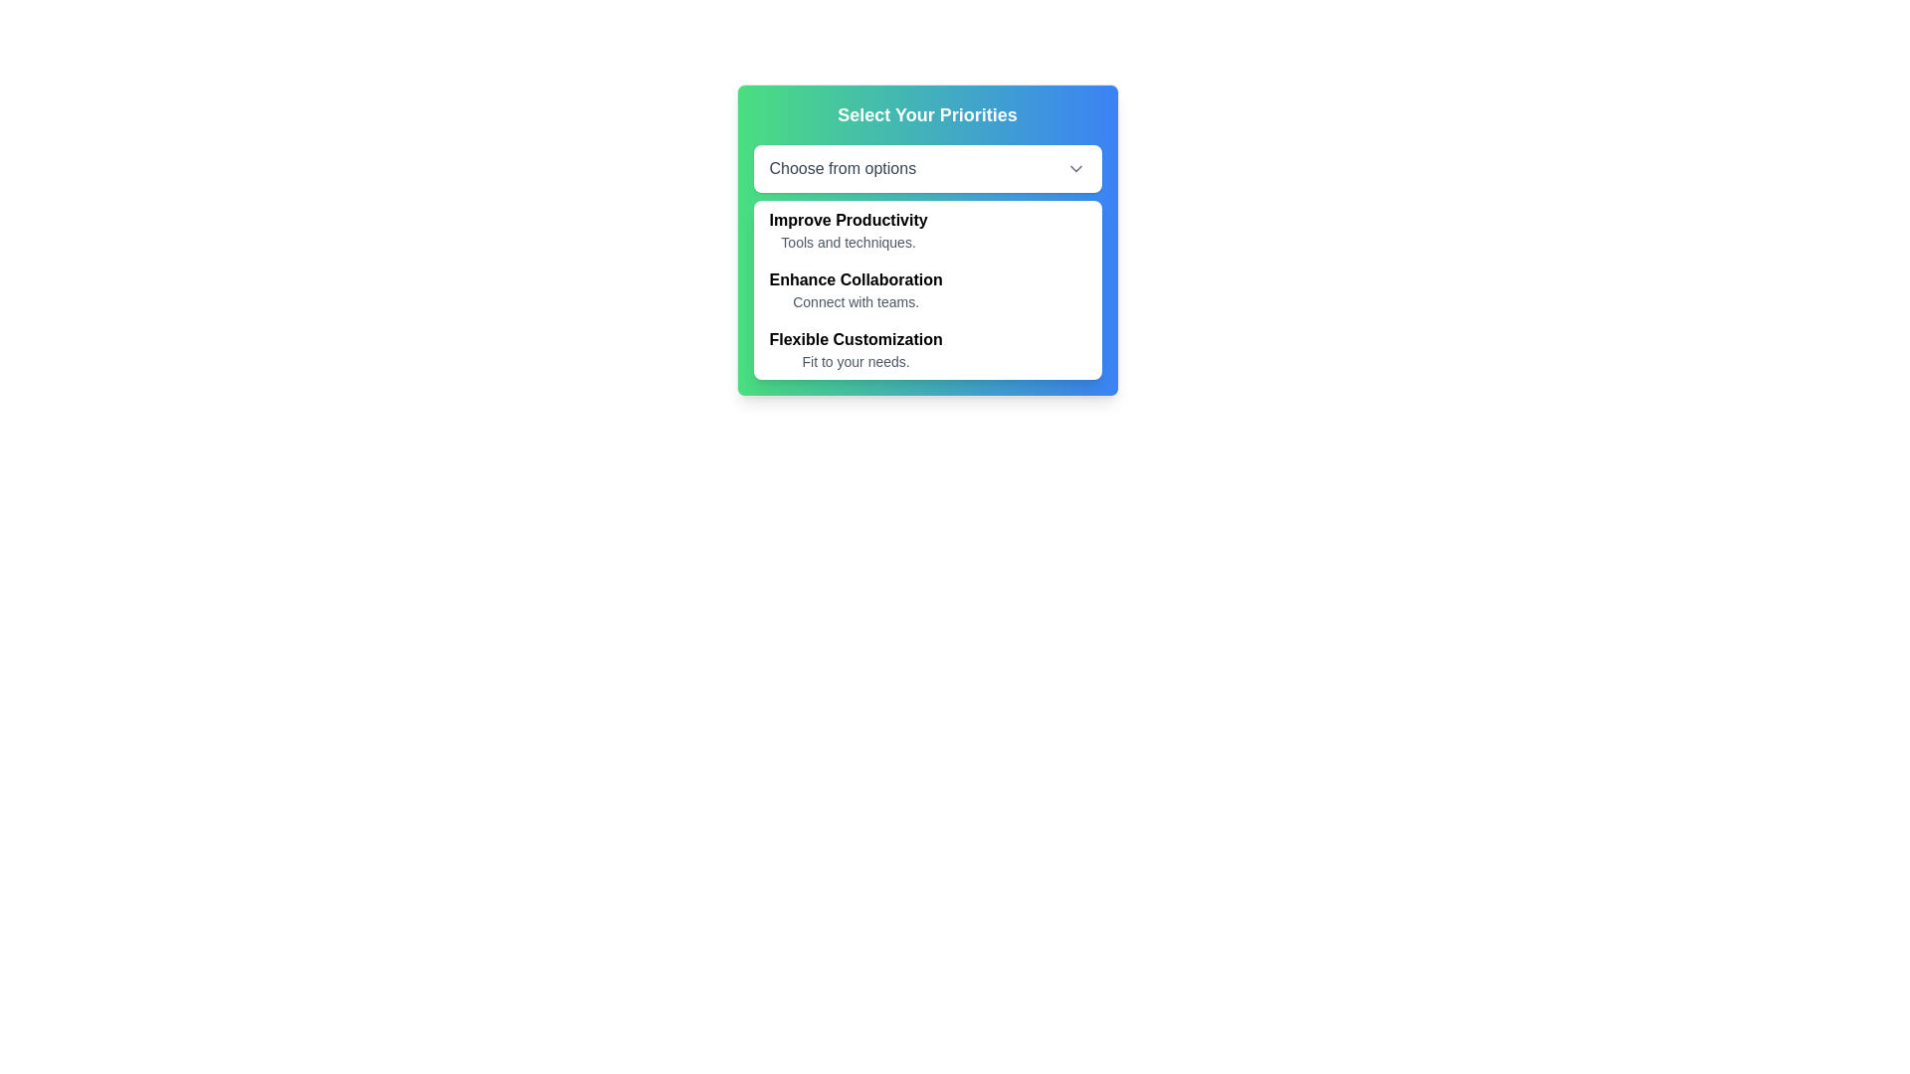  Describe the element at coordinates (856, 302) in the screenshot. I see `the text label providing additional descriptive information related to the header 'Enhance Collaboration' located below the header in the dropdown interface` at that location.